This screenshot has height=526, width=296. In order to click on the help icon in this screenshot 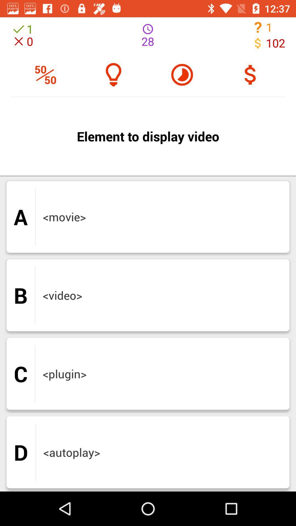, I will do `click(182, 75)`.